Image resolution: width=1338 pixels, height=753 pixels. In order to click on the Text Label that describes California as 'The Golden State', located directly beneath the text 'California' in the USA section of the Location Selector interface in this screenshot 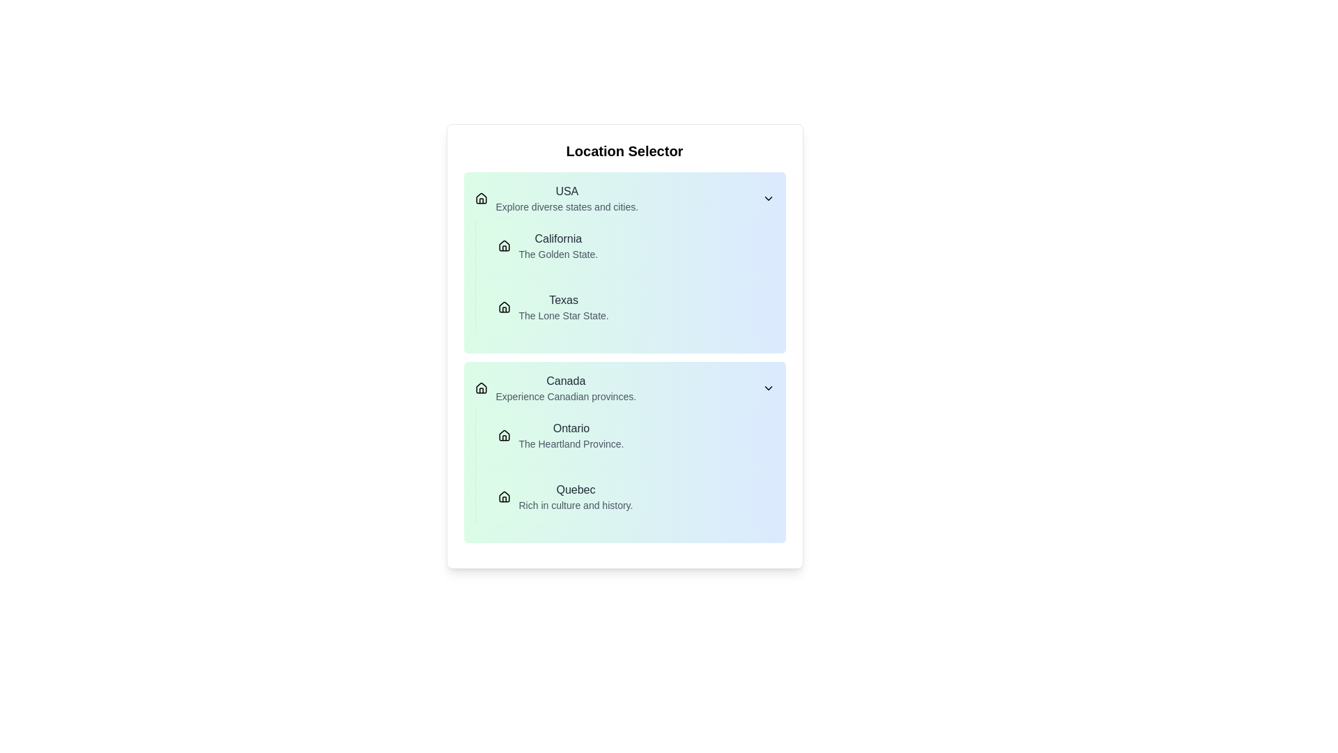, I will do `click(558, 254)`.